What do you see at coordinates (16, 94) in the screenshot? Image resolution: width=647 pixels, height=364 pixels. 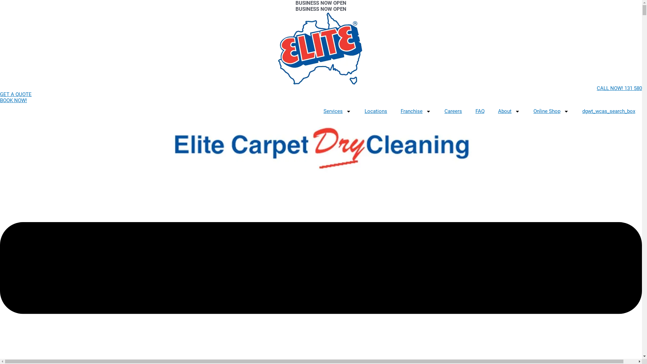 I see `'GET A QUOTE'` at bounding box center [16, 94].